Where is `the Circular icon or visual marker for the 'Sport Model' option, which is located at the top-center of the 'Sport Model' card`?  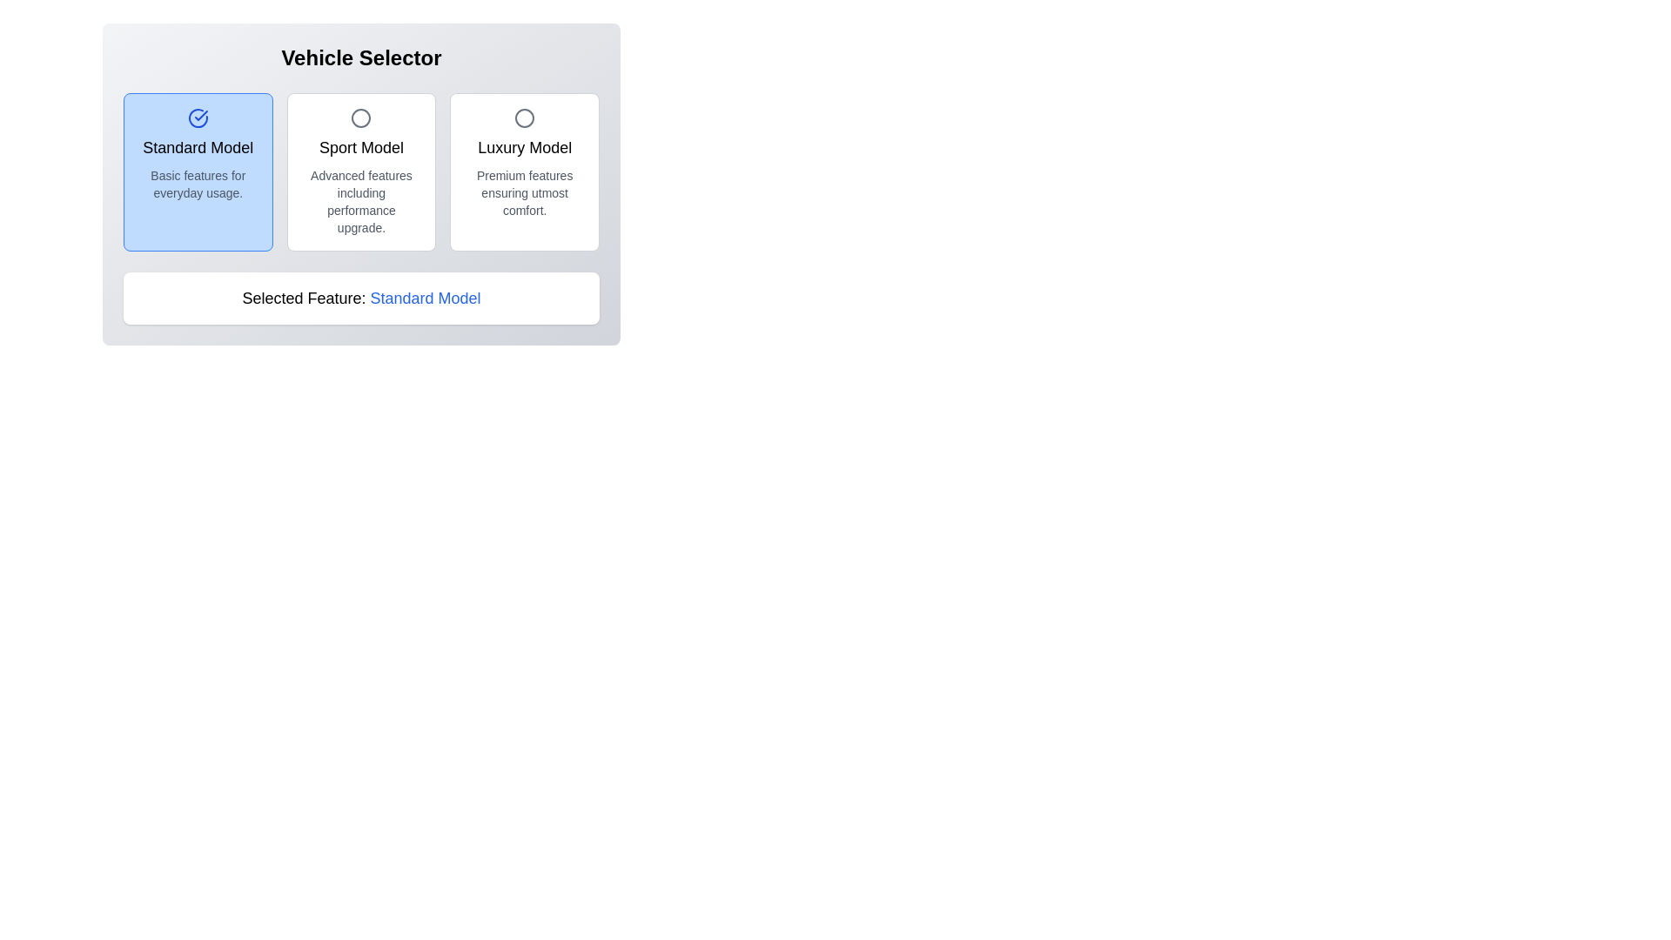 the Circular icon or visual marker for the 'Sport Model' option, which is located at the top-center of the 'Sport Model' card is located at coordinates (360, 117).